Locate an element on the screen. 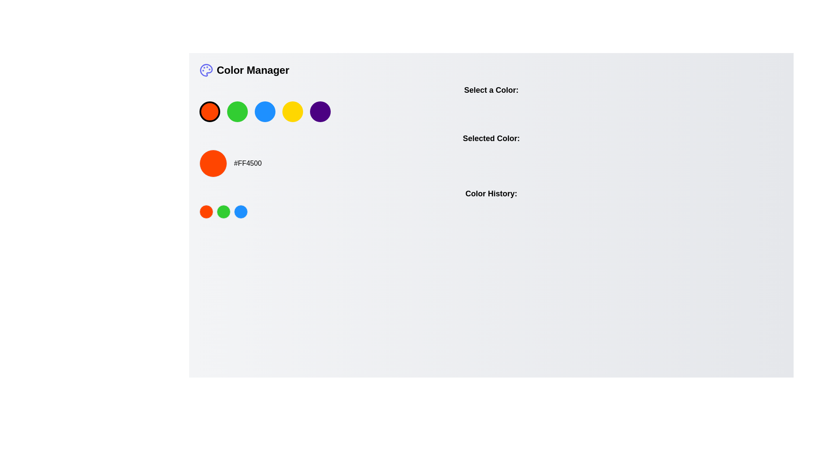 Image resolution: width=829 pixels, height=466 pixels. the Text Label that indicates the history of selected colors, located in the Color History subsection, below the Selected Color section is located at coordinates (491, 193).